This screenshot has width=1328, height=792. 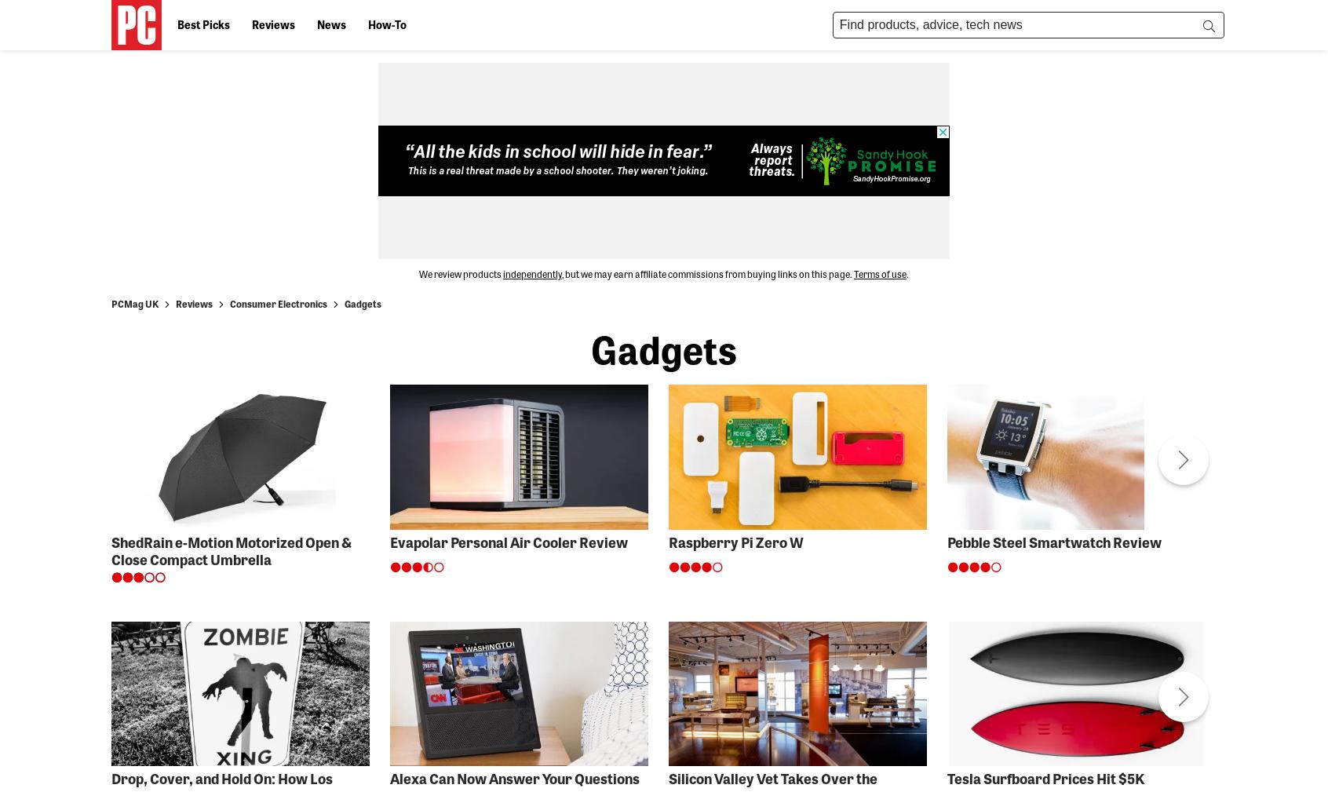 What do you see at coordinates (229, 302) in the screenshot?
I see `'Consumer Electronics'` at bounding box center [229, 302].